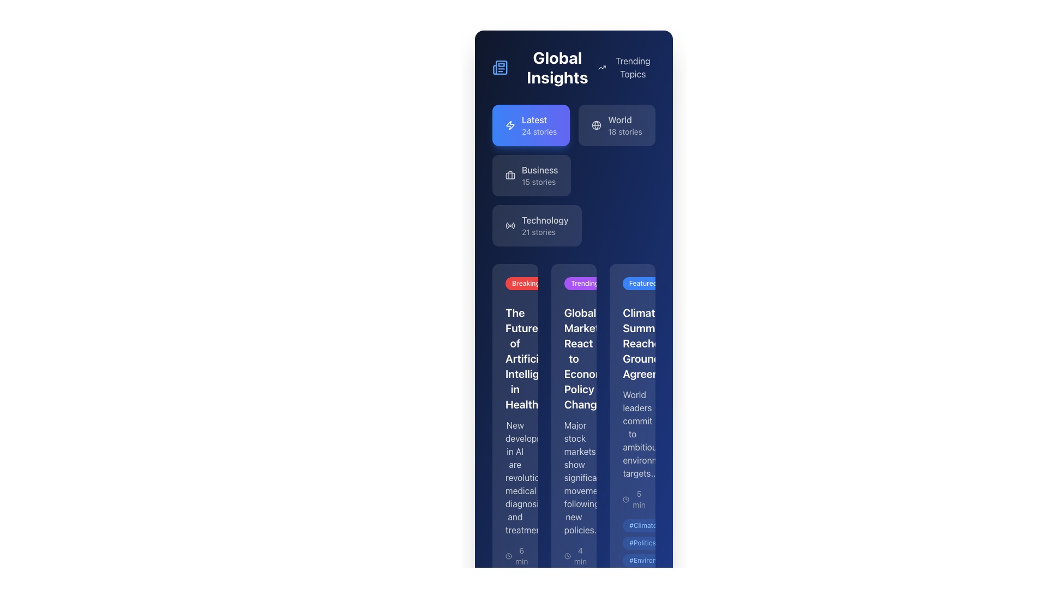  What do you see at coordinates (567, 556) in the screenshot?
I see `time icon that indicates '4 min' positioned in the third column of the card layout beneath the 'Trending' label` at bounding box center [567, 556].